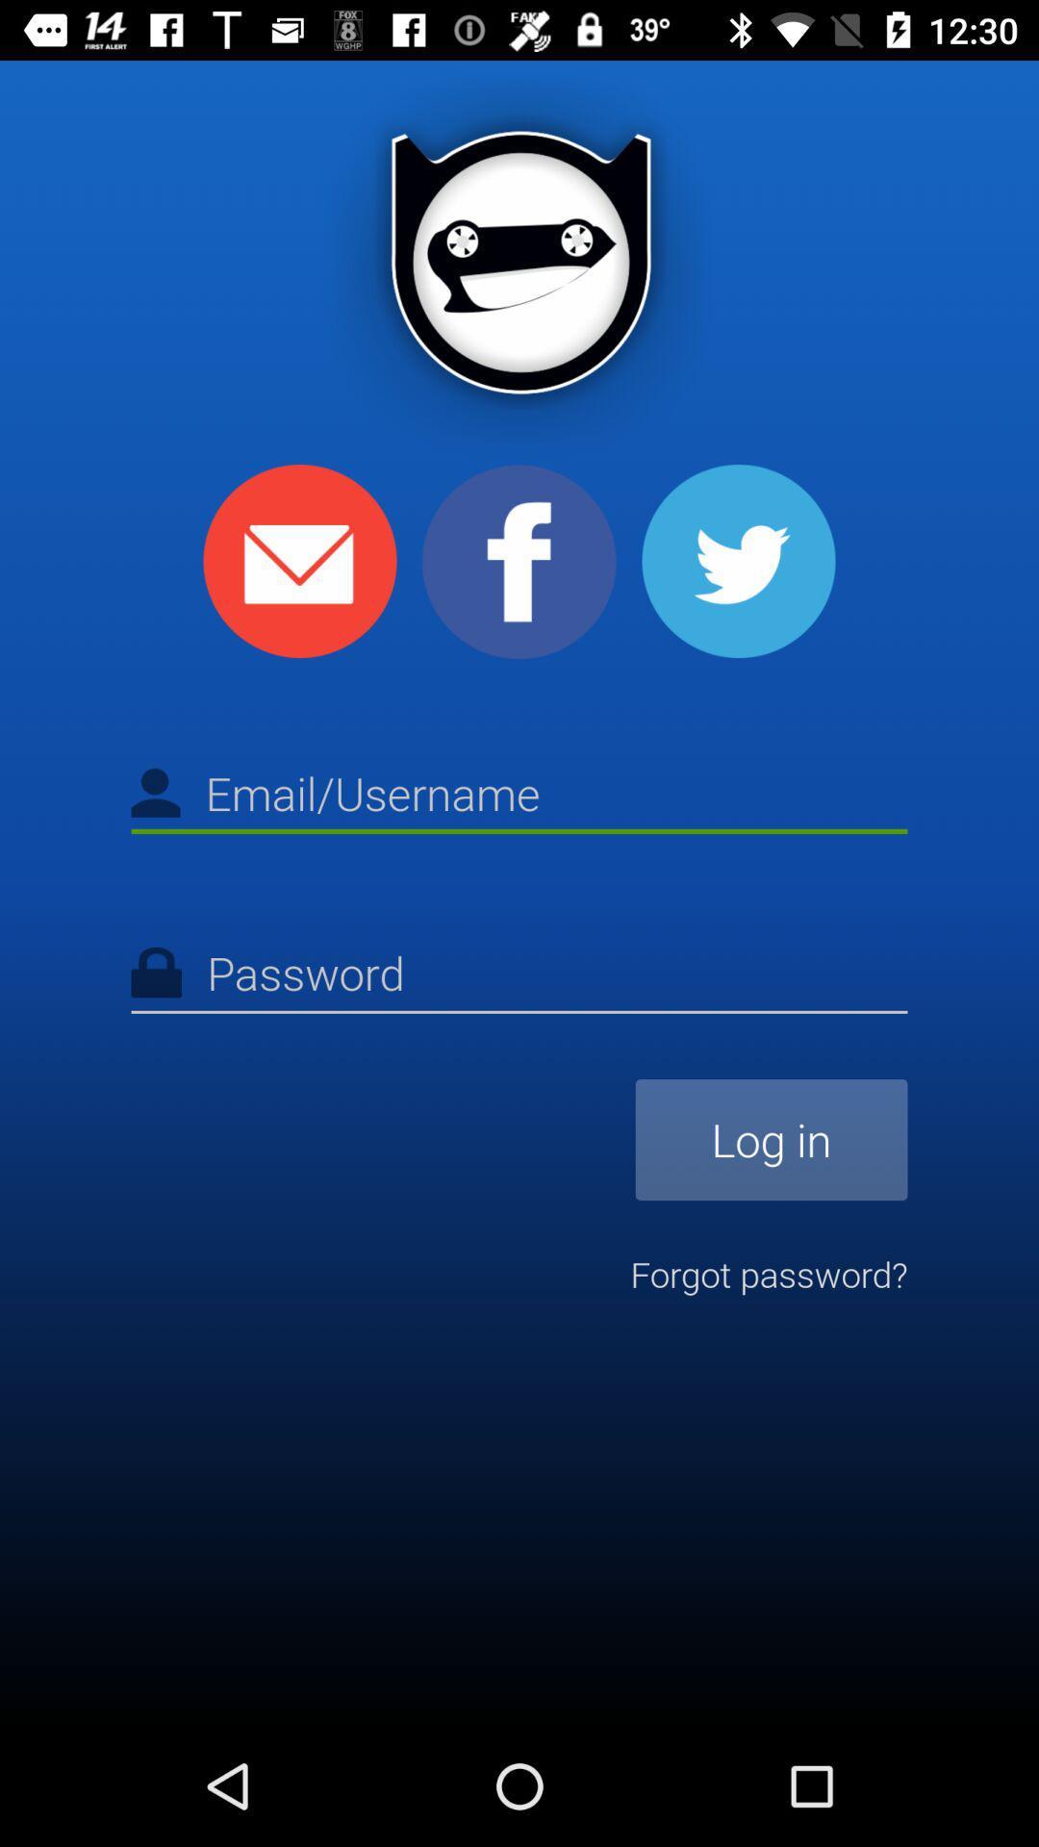 Image resolution: width=1039 pixels, height=1847 pixels. I want to click on icon above forgot password?, so click(771, 1140).